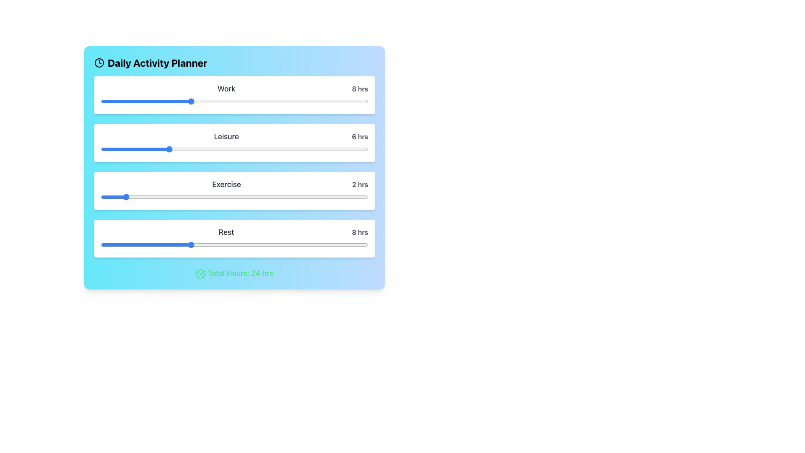  Describe the element at coordinates (360, 136) in the screenshot. I see `the static text label displaying '6 hrs' for the 'Leisure' activity in the Daily Activity Planner interface` at that location.